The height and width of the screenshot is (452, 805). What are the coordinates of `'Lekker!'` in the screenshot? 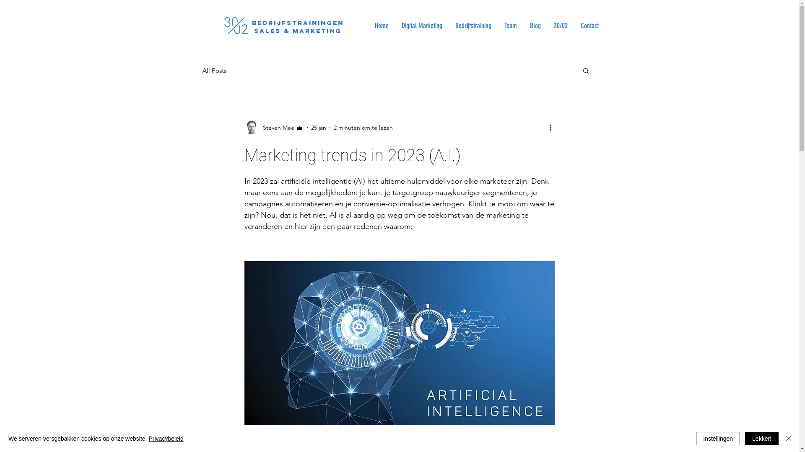 It's located at (762, 438).